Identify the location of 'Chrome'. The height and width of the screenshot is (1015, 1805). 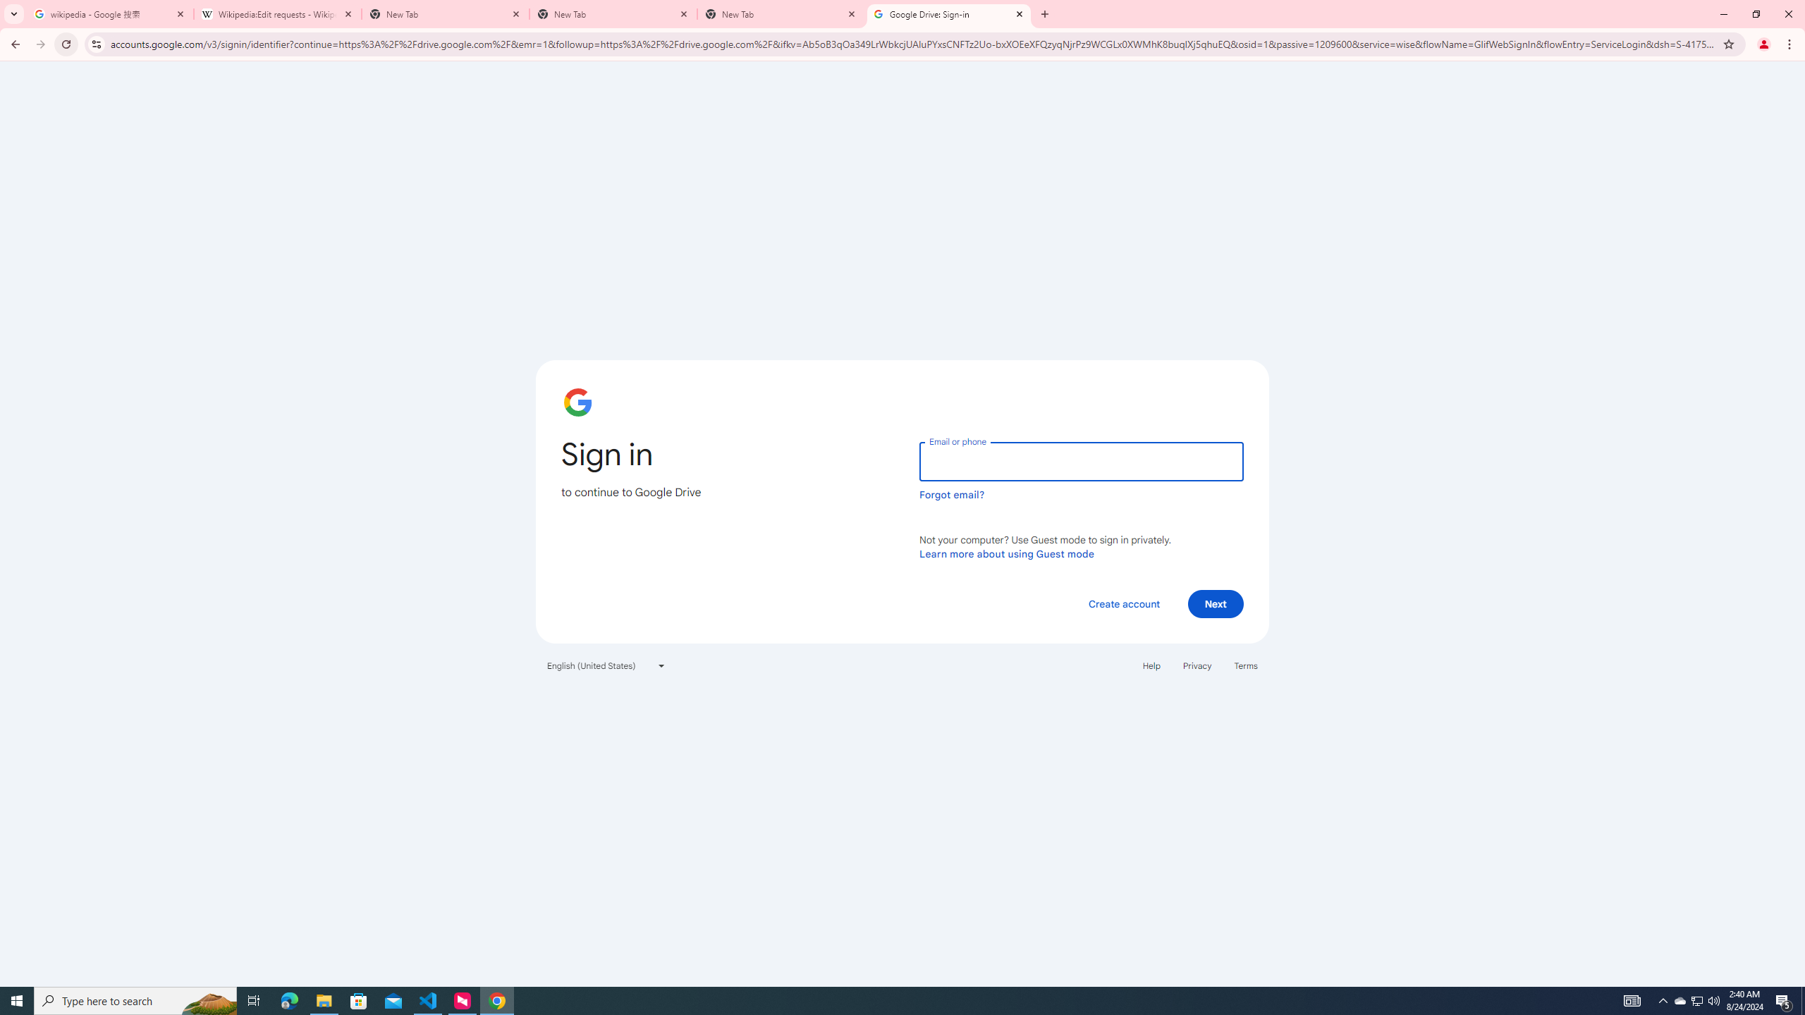
(1790, 44).